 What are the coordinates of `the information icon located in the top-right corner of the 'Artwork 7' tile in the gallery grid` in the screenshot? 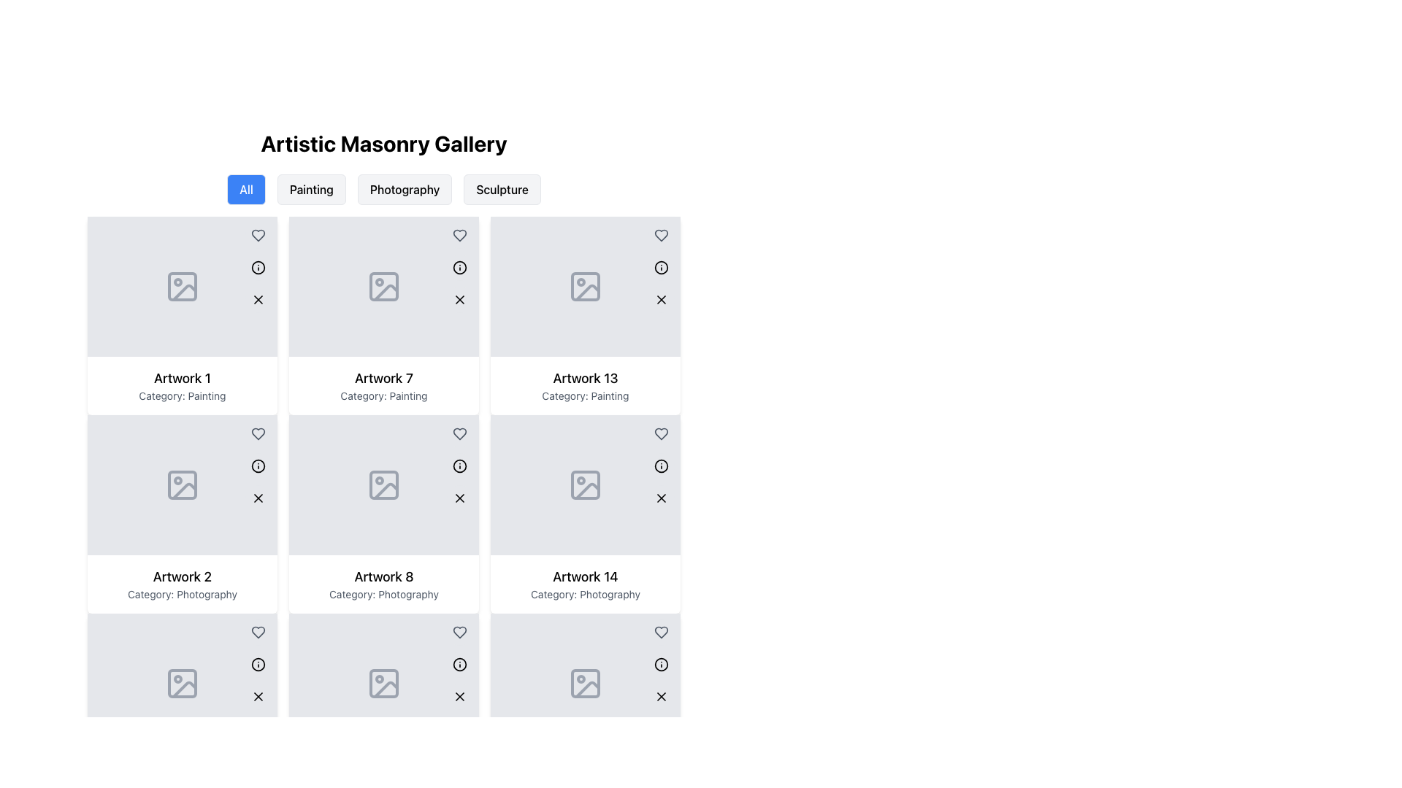 It's located at (459, 267).